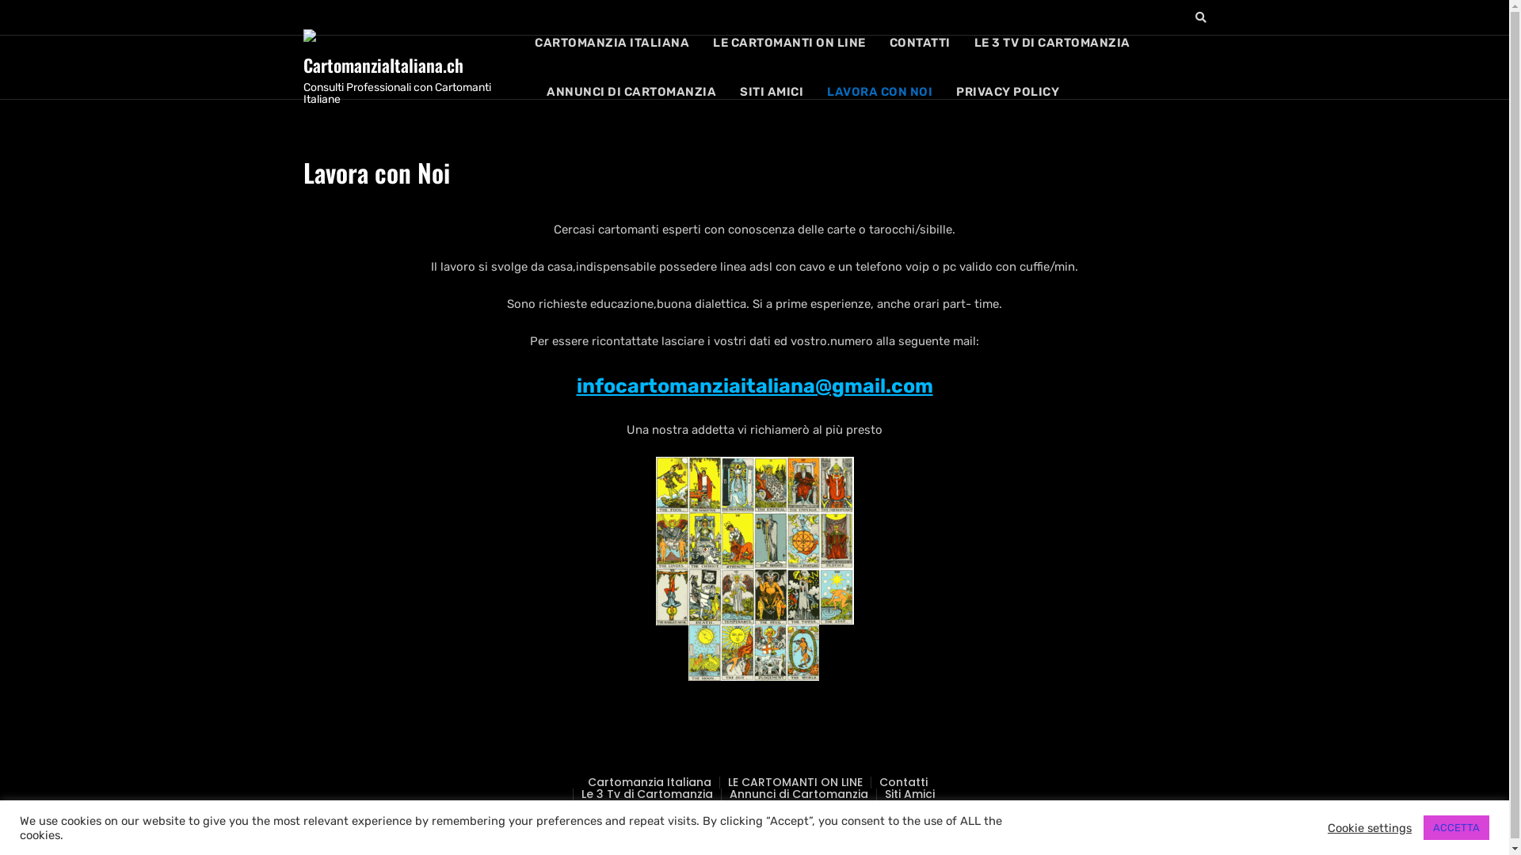 The image size is (1521, 855). What do you see at coordinates (799, 793) in the screenshot?
I see `'Annunci di Cartomanzia'` at bounding box center [799, 793].